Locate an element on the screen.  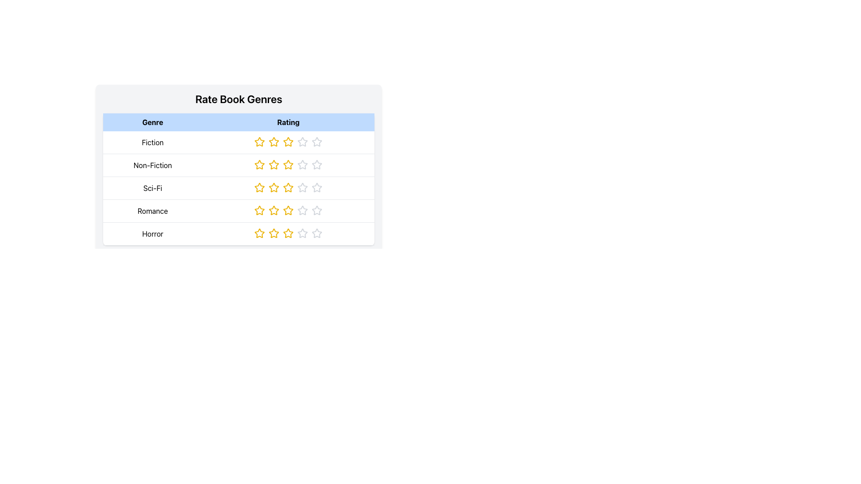
the third rating star icon located in the second row under the 'Non-Fiction' genre in the 'Rating' column is located at coordinates (303, 164).